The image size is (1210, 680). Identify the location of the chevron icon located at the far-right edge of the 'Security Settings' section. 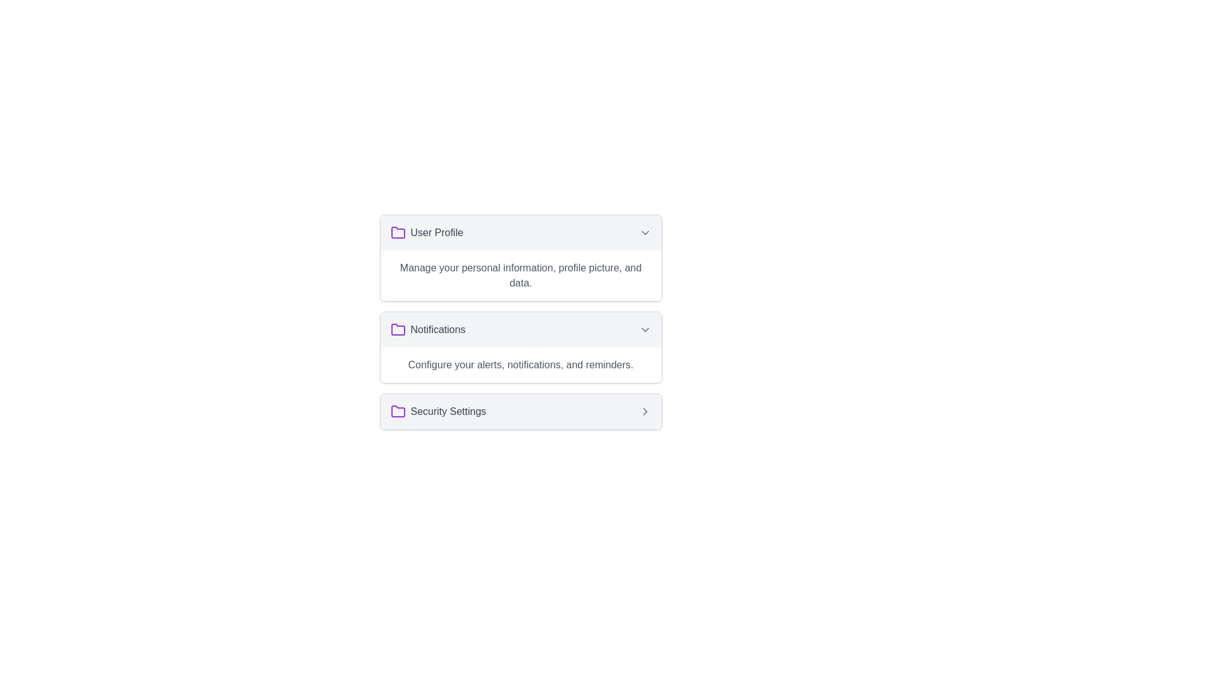
(645, 412).